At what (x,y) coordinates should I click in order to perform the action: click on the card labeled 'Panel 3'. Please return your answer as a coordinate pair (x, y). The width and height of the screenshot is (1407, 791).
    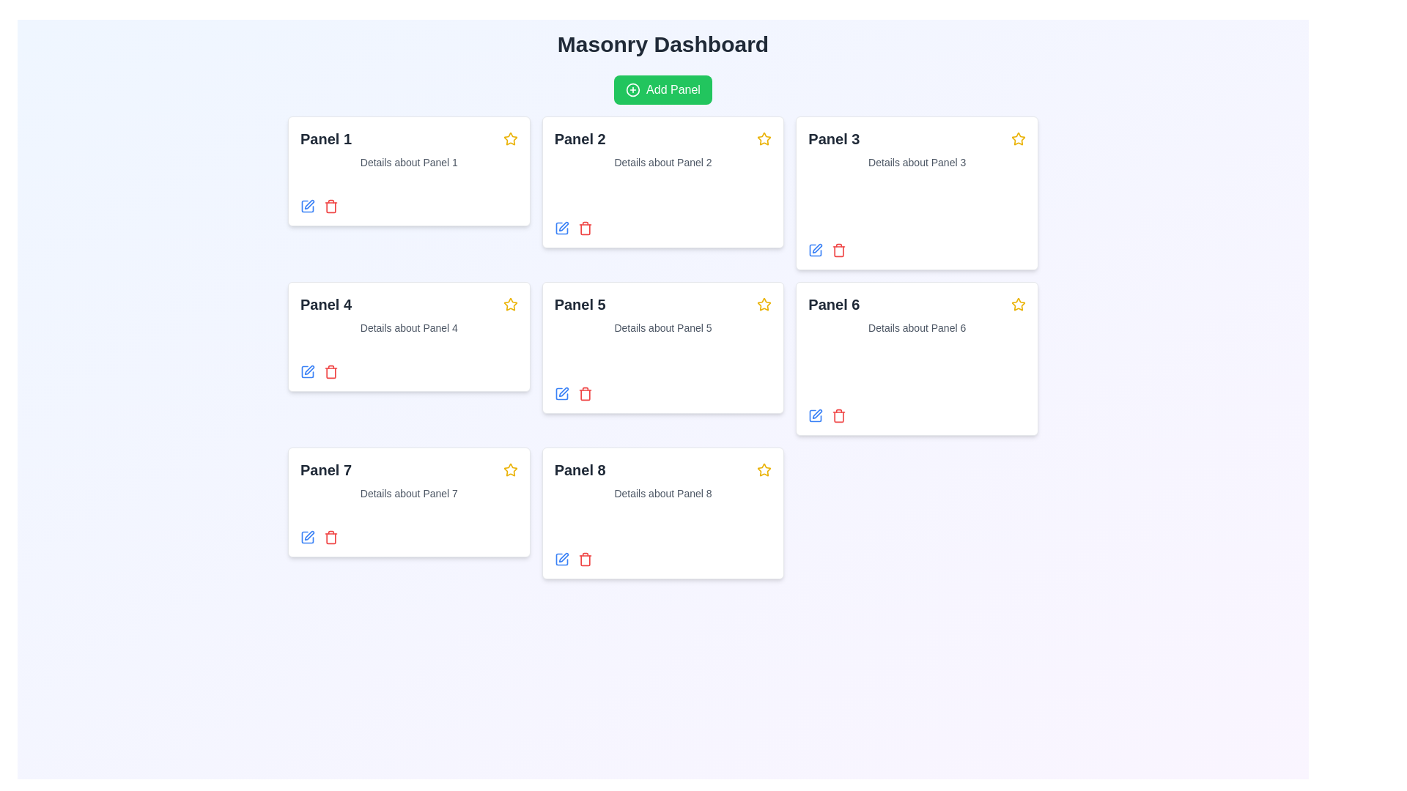
    Looking at the image, I should click on (834, 138).